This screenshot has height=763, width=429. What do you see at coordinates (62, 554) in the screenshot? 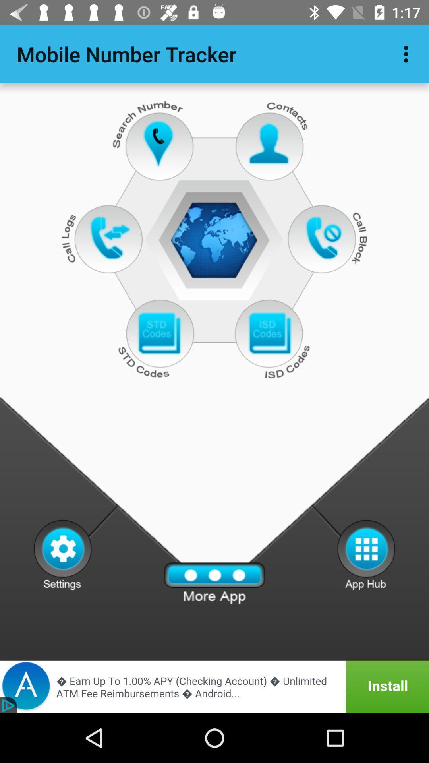
I see `click for settings` at bounding box center [62, 554].